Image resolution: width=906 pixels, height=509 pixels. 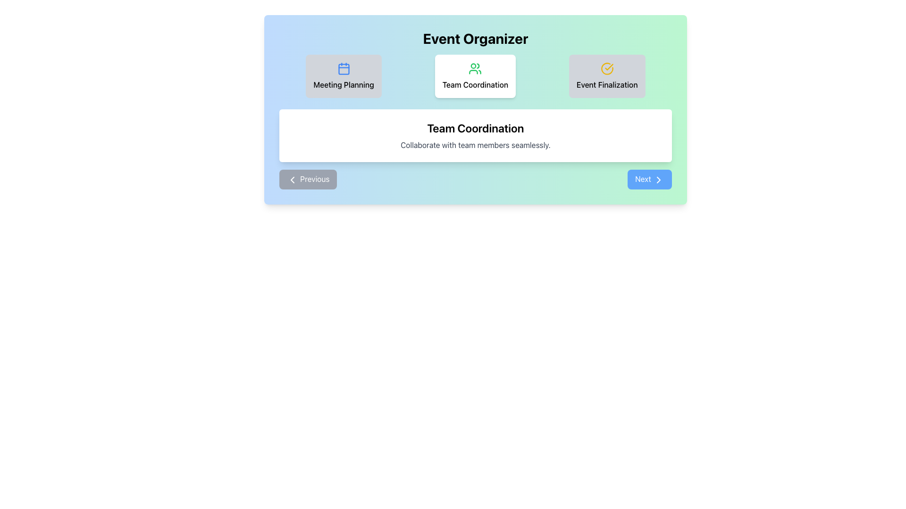 What do you see at coordinates (343, 76) in the screenshot?
I see `'Meeting Planning' card element, which features a blue calendar icon and is the first card in the 'Event Organizer' section` at bounding box center [343, 76].